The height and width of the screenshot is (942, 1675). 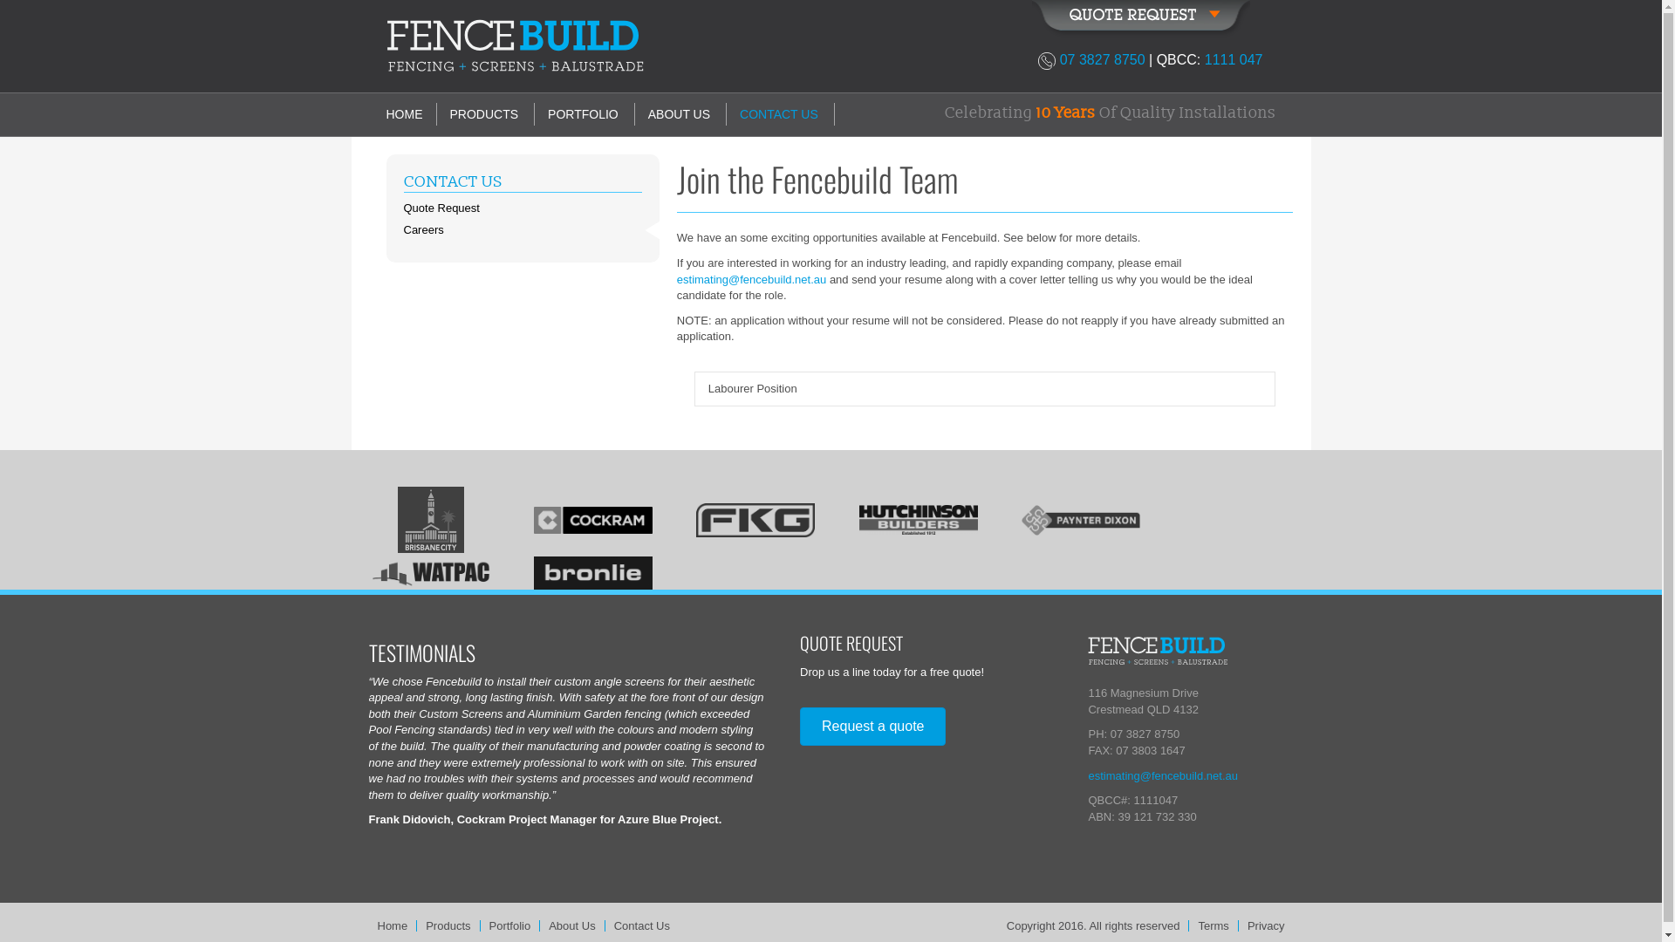 I want to click on '07 3827 8750', so click(x=1058, y=58).